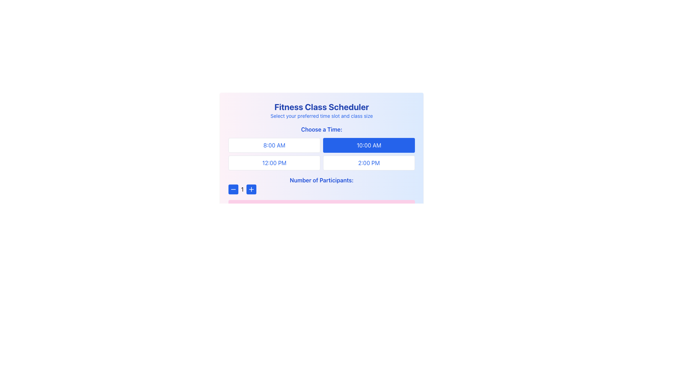 The width and height of the screenshot is (678, 381). What do you see at coordinates (321, 107) in the screenshot?
I see `the bold, large-sized heading 'Fitness Class Scheduler' which is styled in blue and prominently displayed near the top center of the interface` at bounding box center [321, 107].